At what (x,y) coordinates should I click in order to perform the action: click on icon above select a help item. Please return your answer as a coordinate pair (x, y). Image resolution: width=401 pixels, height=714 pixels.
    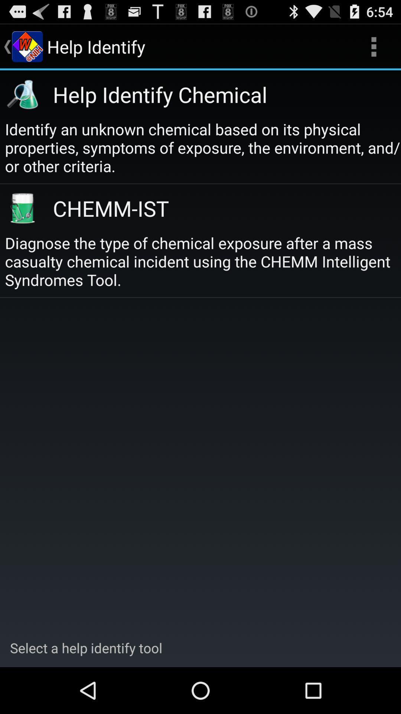
    Looking at the image, I should click on (203, 261).